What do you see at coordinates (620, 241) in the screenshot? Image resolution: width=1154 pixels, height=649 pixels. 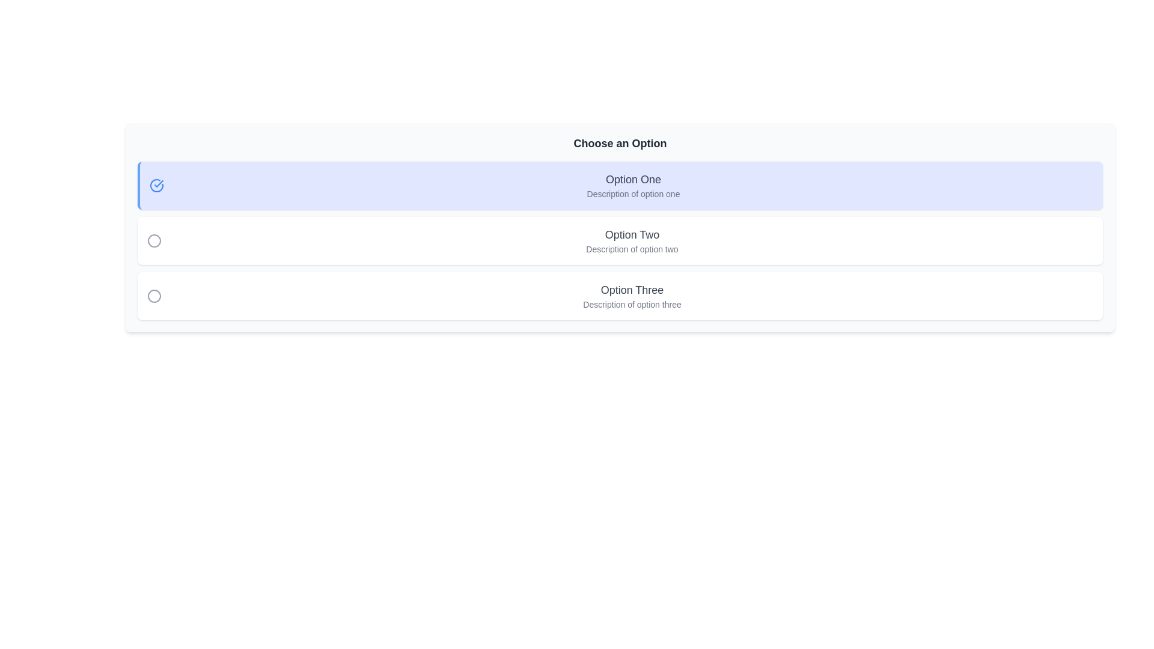 I see `the 'Option Two' button, which is a rectangular button with a white background and rounded corners, containing the text 'Option Two' and an empty circular icon to its left` at bounding box center [620, 241].